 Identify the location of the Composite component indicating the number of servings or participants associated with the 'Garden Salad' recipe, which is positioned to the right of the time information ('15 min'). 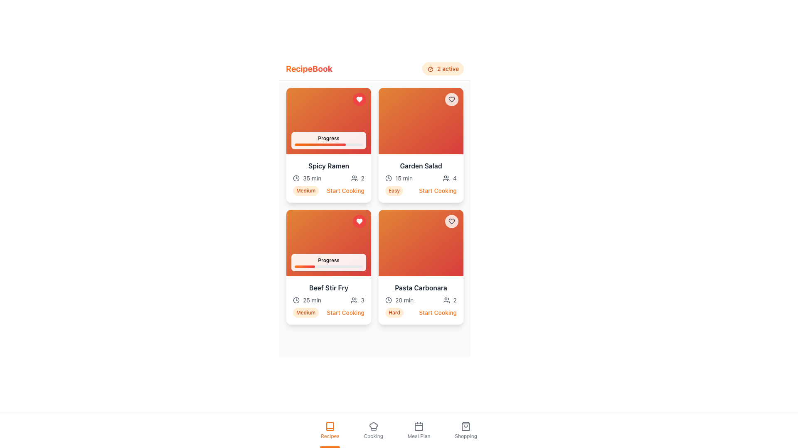
(449, 178).